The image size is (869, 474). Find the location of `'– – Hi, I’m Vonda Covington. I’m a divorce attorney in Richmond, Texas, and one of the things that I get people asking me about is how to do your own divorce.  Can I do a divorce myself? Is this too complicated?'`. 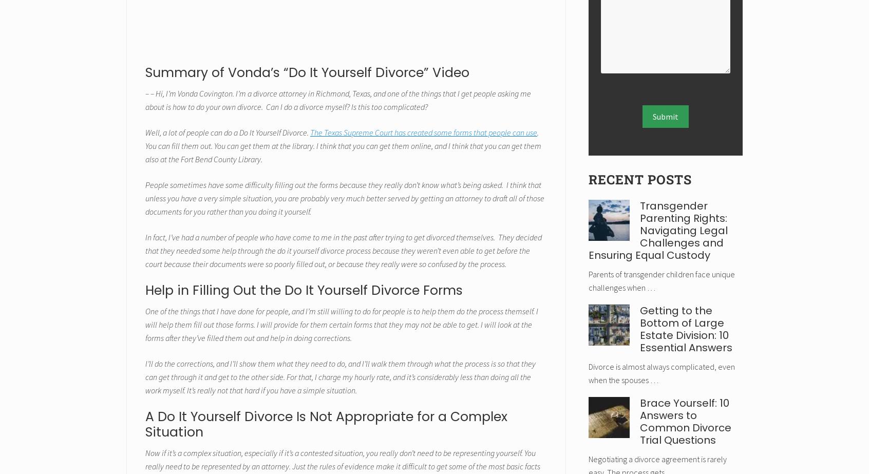

'– – Hi, I’m Vonda Covington. I’m a divorce attorney in Richmond, Texas, and one of the things that I get people asking me about is how to do your own divorce.  Can I do a divorce myself? Is this too complicated?' is located at coordinates (338, 100).